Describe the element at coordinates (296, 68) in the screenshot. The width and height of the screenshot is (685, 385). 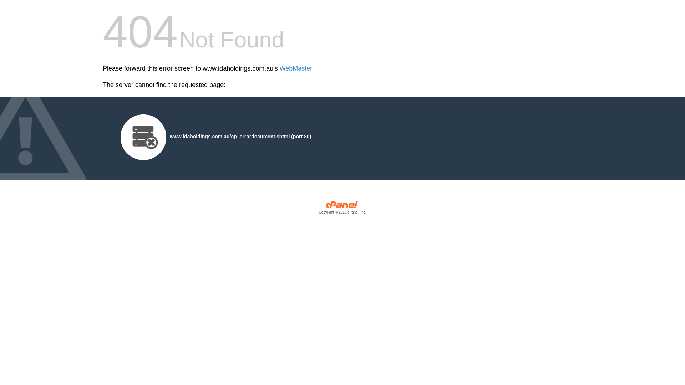
I see `'WebMaster'` at that location.